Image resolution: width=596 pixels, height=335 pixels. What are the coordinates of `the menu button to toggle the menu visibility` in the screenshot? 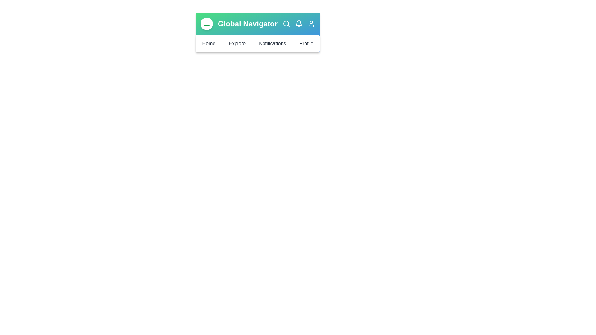 It's located at (207, 24).